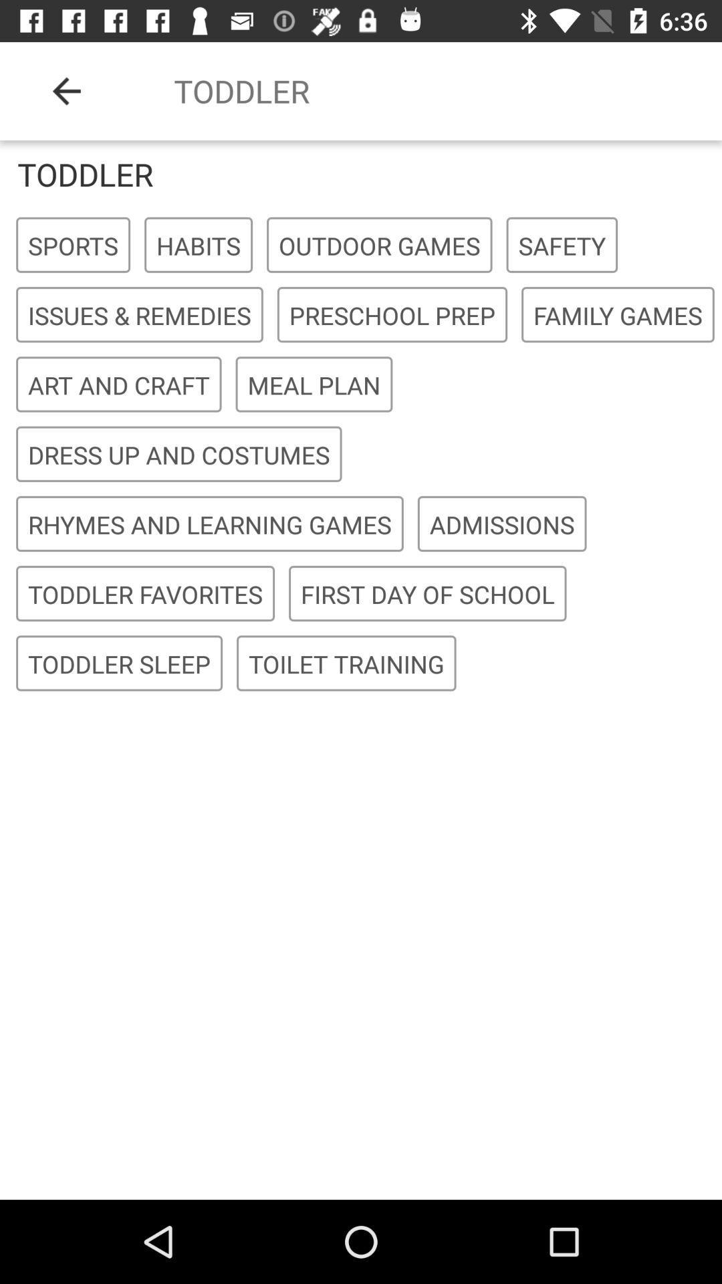 The height and width of the screenshot is (1284, 722). I want to click on the admissions icon, so click(502, 524).